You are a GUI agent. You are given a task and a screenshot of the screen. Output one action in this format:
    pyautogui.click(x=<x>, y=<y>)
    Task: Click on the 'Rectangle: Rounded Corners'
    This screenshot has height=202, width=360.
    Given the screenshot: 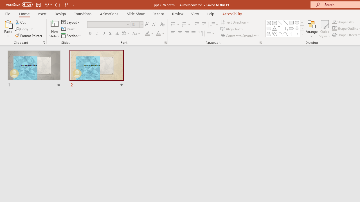 What is the action you would take?
    pyautogui.click(x=269, y=28)
    